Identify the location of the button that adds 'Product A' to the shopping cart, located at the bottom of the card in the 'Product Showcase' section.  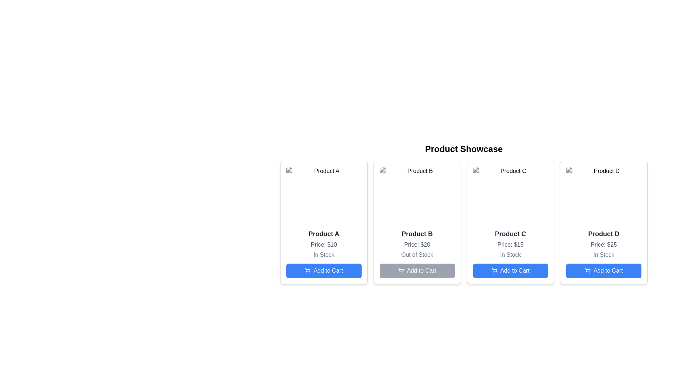
(323, 270).